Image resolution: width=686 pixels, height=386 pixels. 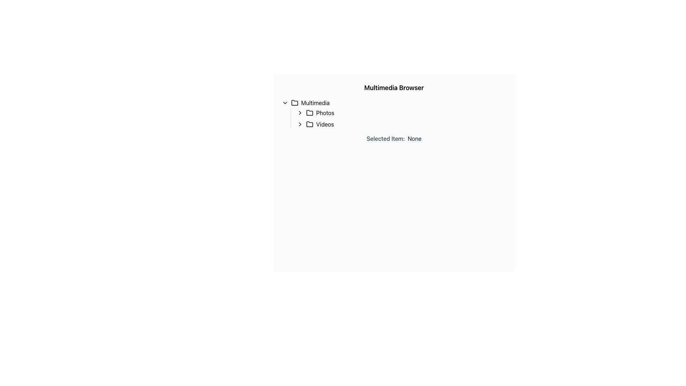 I want to click on the chevron icon pointing to the right, located to the left of the 'Photos' label in the hierarchical list component, so click(x=300, y=113).